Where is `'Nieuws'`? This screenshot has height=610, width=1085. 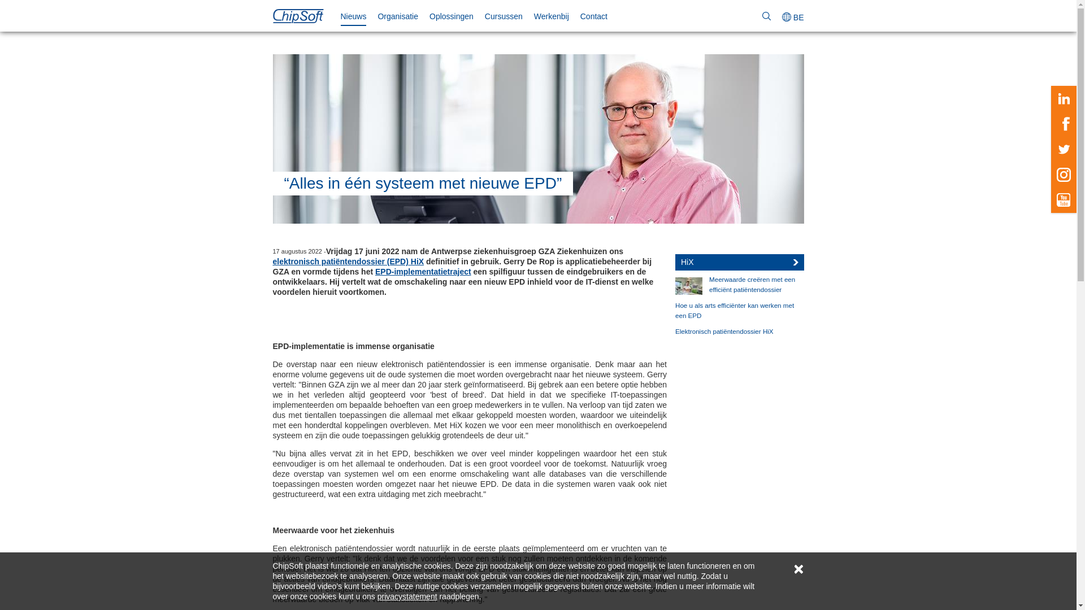 'Nieuws' is located at coordinates (352, 17).